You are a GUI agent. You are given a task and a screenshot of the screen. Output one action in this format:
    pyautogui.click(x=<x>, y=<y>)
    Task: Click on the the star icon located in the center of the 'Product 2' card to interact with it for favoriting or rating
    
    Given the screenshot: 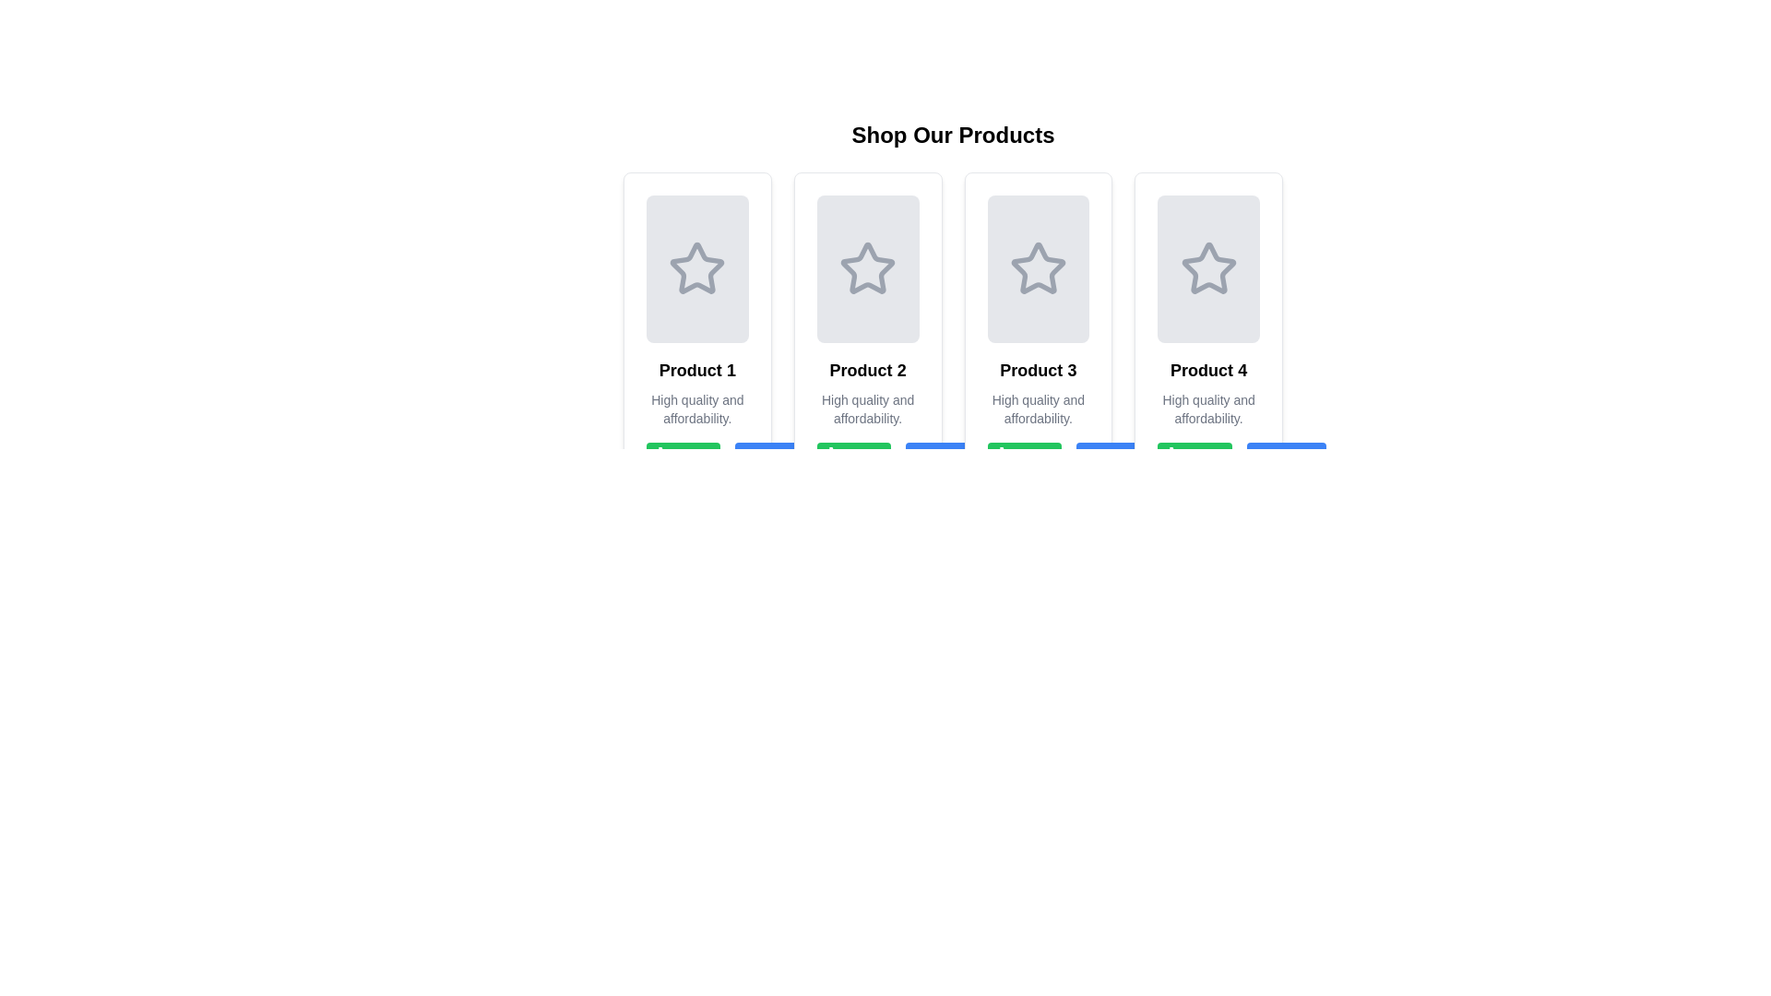 What is the action you would take?
    pyautogui.click(x=867, y=267)
    